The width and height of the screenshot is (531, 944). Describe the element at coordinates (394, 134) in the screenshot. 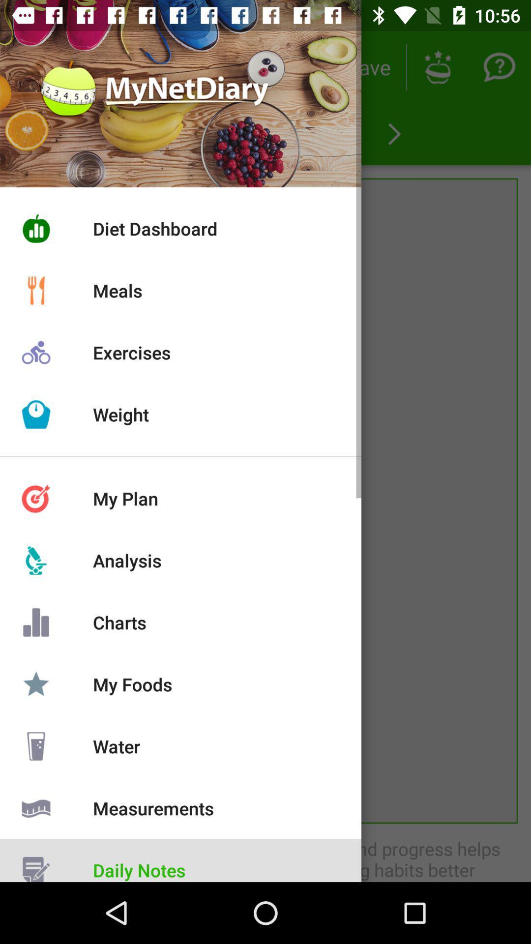

I see `the arrow_forward icon` at that location.